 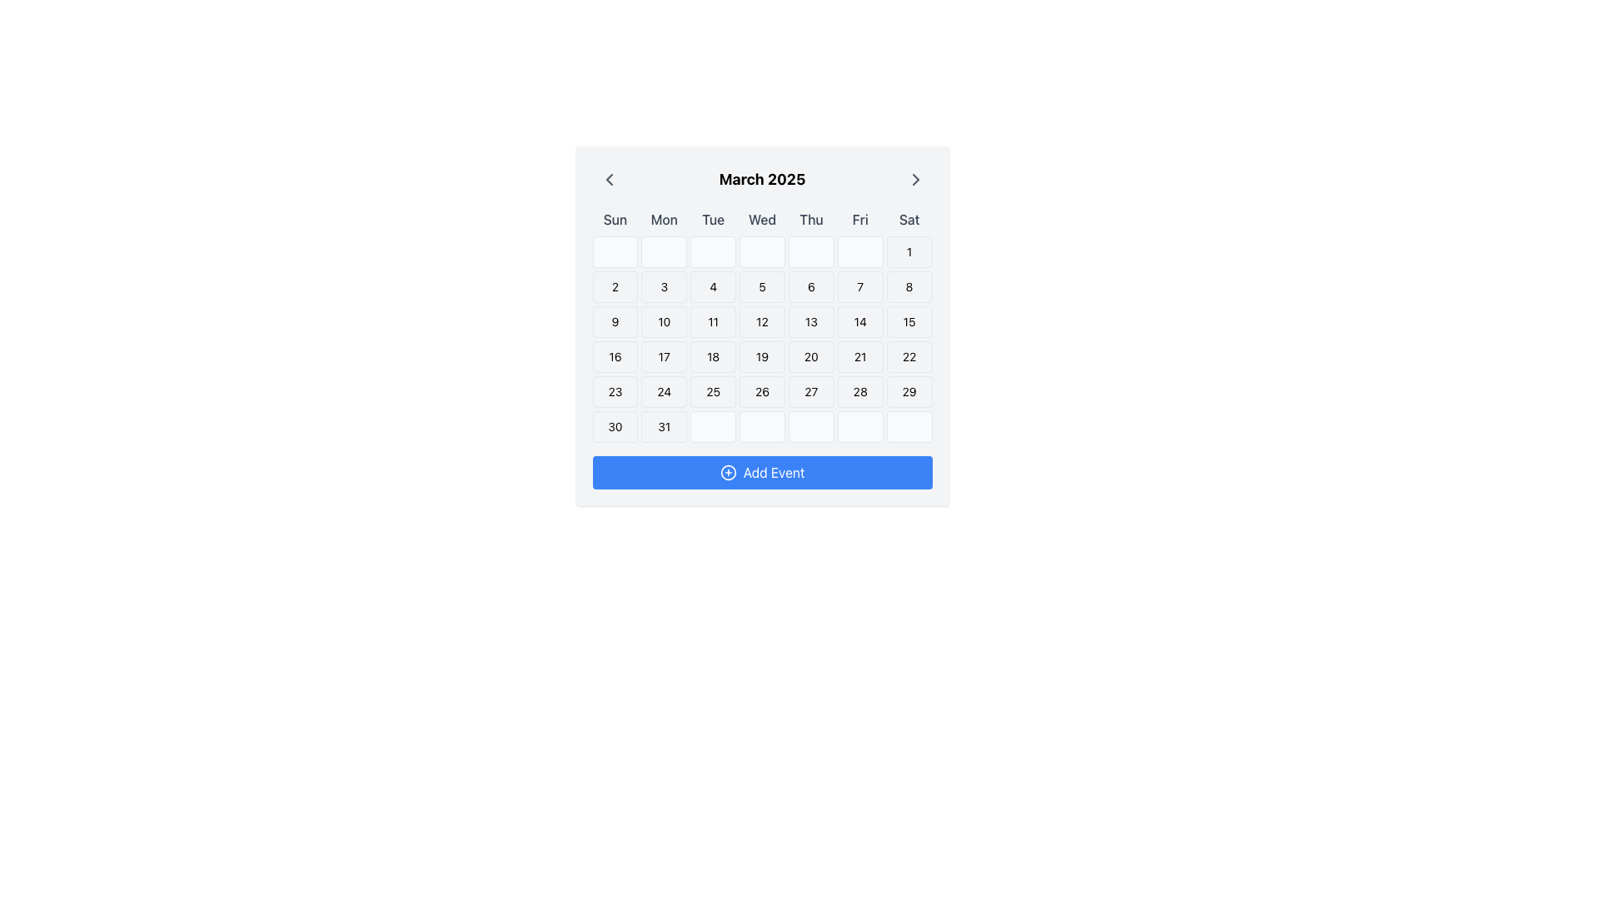 I want to click on the '8' date button, so click(x=908, y=286).